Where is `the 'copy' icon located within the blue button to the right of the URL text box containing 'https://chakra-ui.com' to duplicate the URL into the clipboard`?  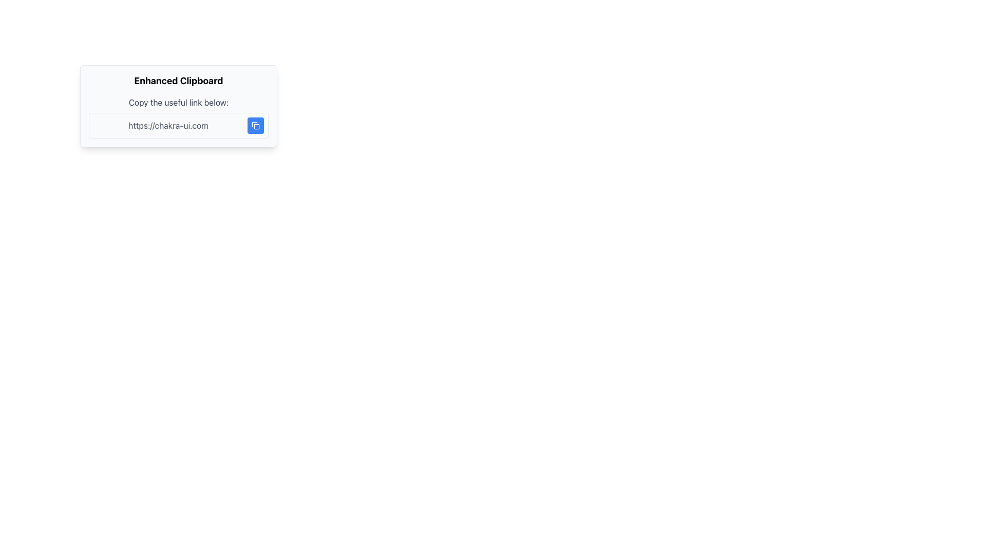 the 'copy' icon located within the blue button to the right of the URL text box containing 'https://chakra-ui.com' to duplicate the URL into the clipboard is located at coordinates (256, 125).